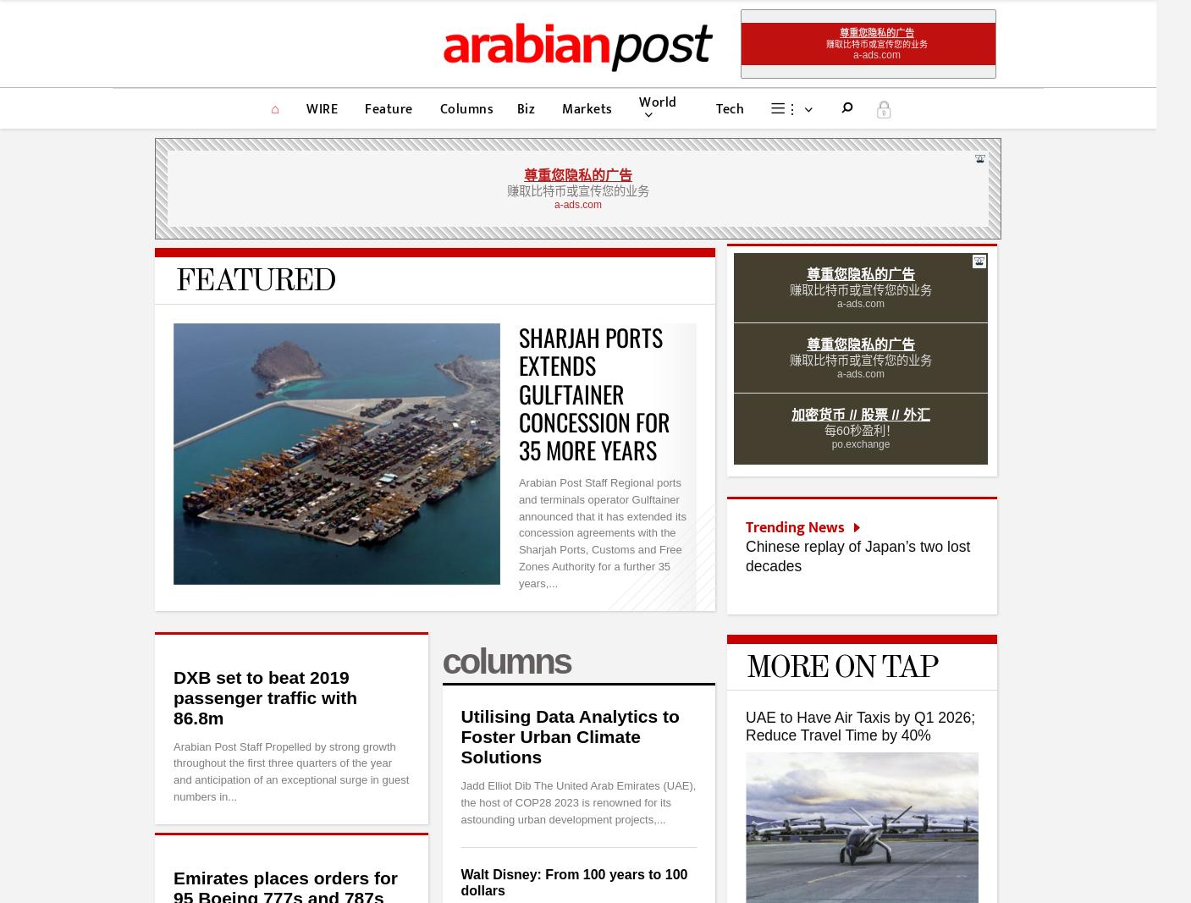 This screenshot has height=903, width=1191. Describe the element at coordinates (576, 821) in the screenshot. I see `'Your Ad here'` at that location.